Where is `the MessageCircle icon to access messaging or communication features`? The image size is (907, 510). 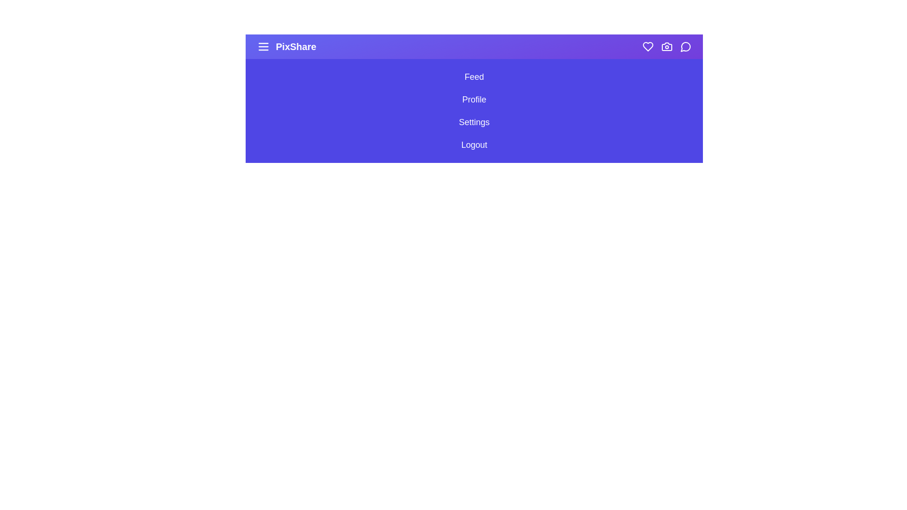
the MessageCircle icon to access messaging or communication features is located at coordinates (685, 47).